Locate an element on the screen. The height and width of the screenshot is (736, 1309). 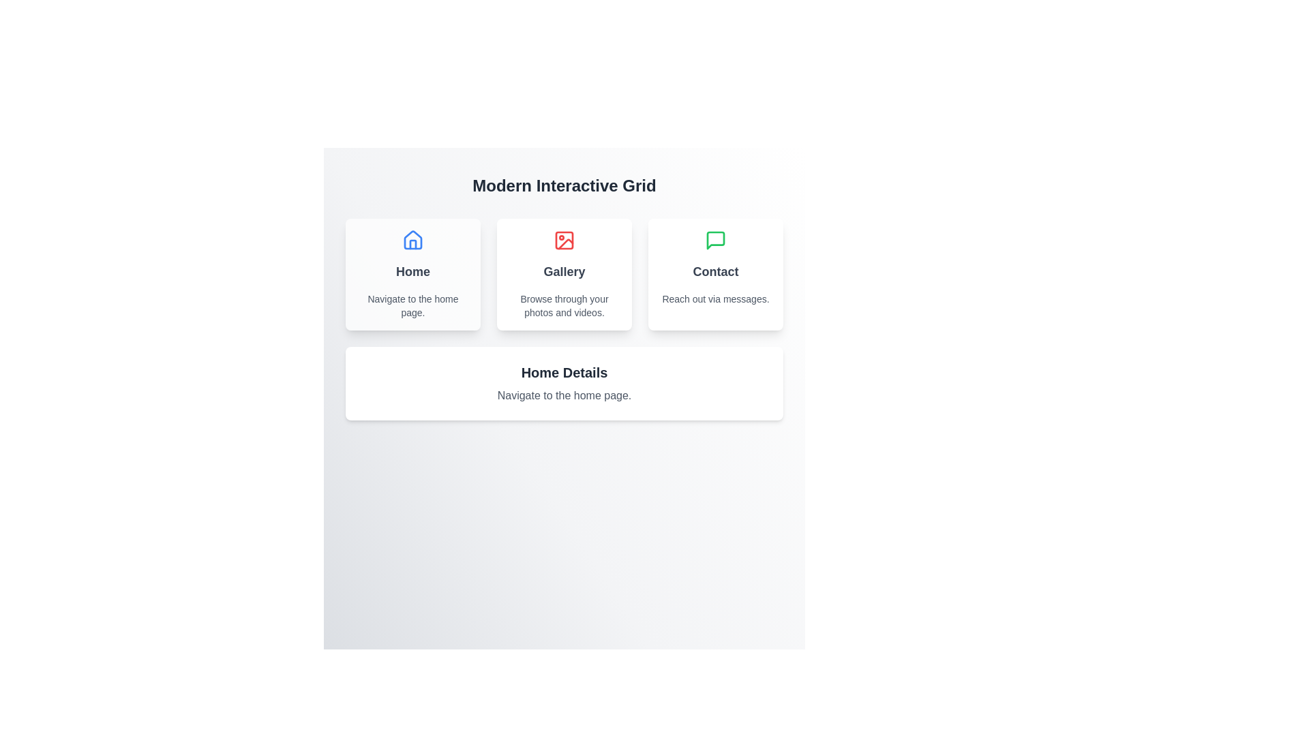
the home icon, which is a blue-stroked house outline located above the text 'Home' in the first card of three horizontal cards is located at coordinates (412, 240).